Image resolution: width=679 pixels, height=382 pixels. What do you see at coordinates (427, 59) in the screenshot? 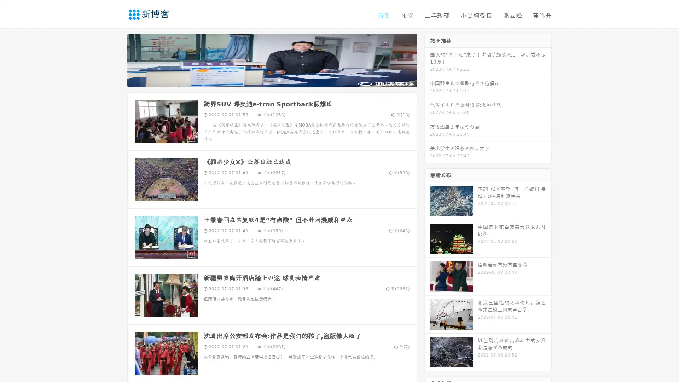
I see `Next slide` at bounding box center [427, 59].